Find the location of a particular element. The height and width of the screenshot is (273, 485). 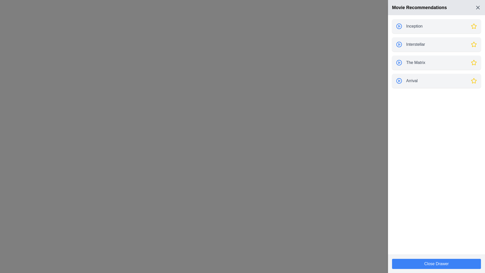

the circular play button with a blue border associated with 'The Matrix' is located at coordinates (399, 62).